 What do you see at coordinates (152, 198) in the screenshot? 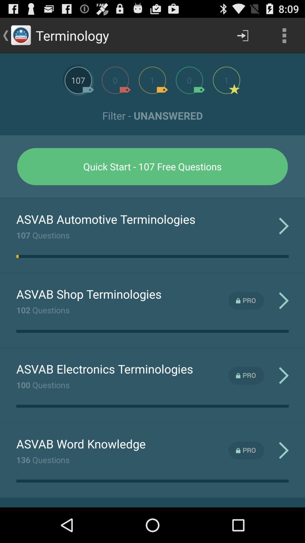
I see `the icon above asvab automotive terminologies app` at bounding box center [152, 198].